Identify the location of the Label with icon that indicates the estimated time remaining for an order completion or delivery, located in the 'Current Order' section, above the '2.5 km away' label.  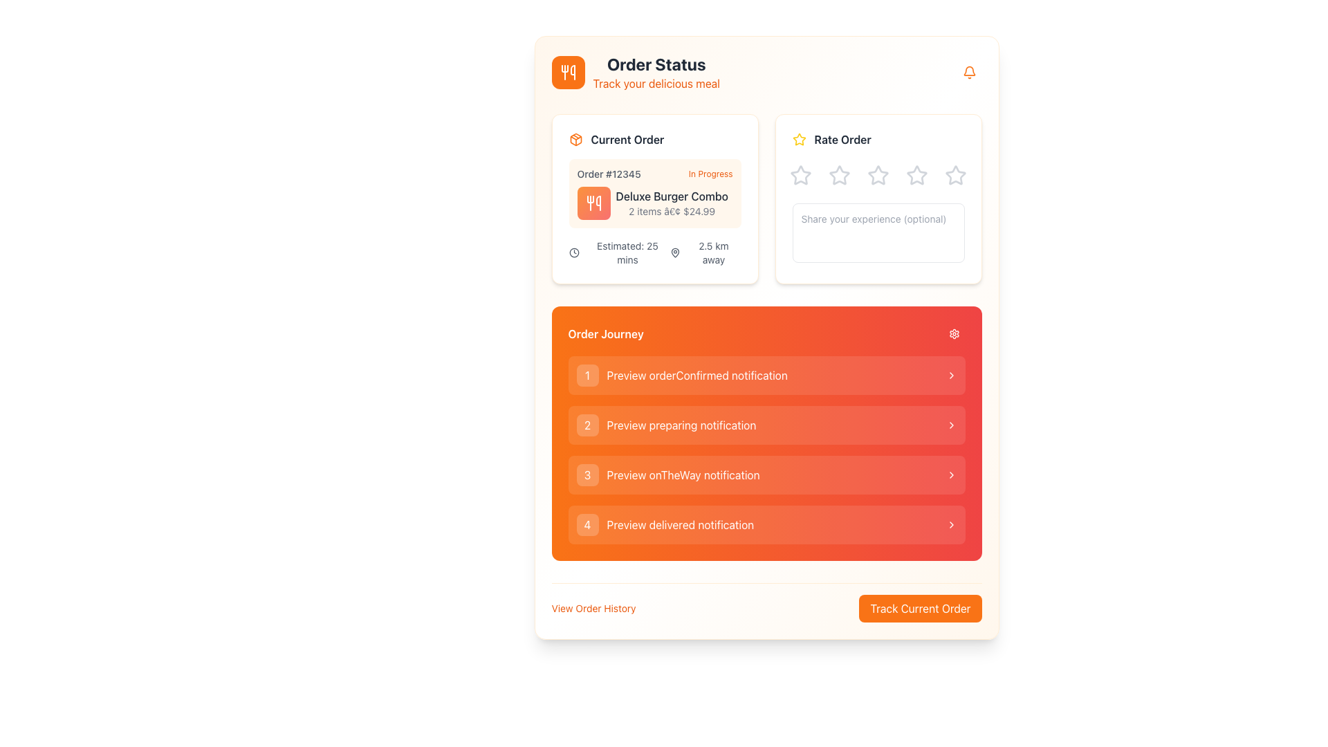
(618, 253).